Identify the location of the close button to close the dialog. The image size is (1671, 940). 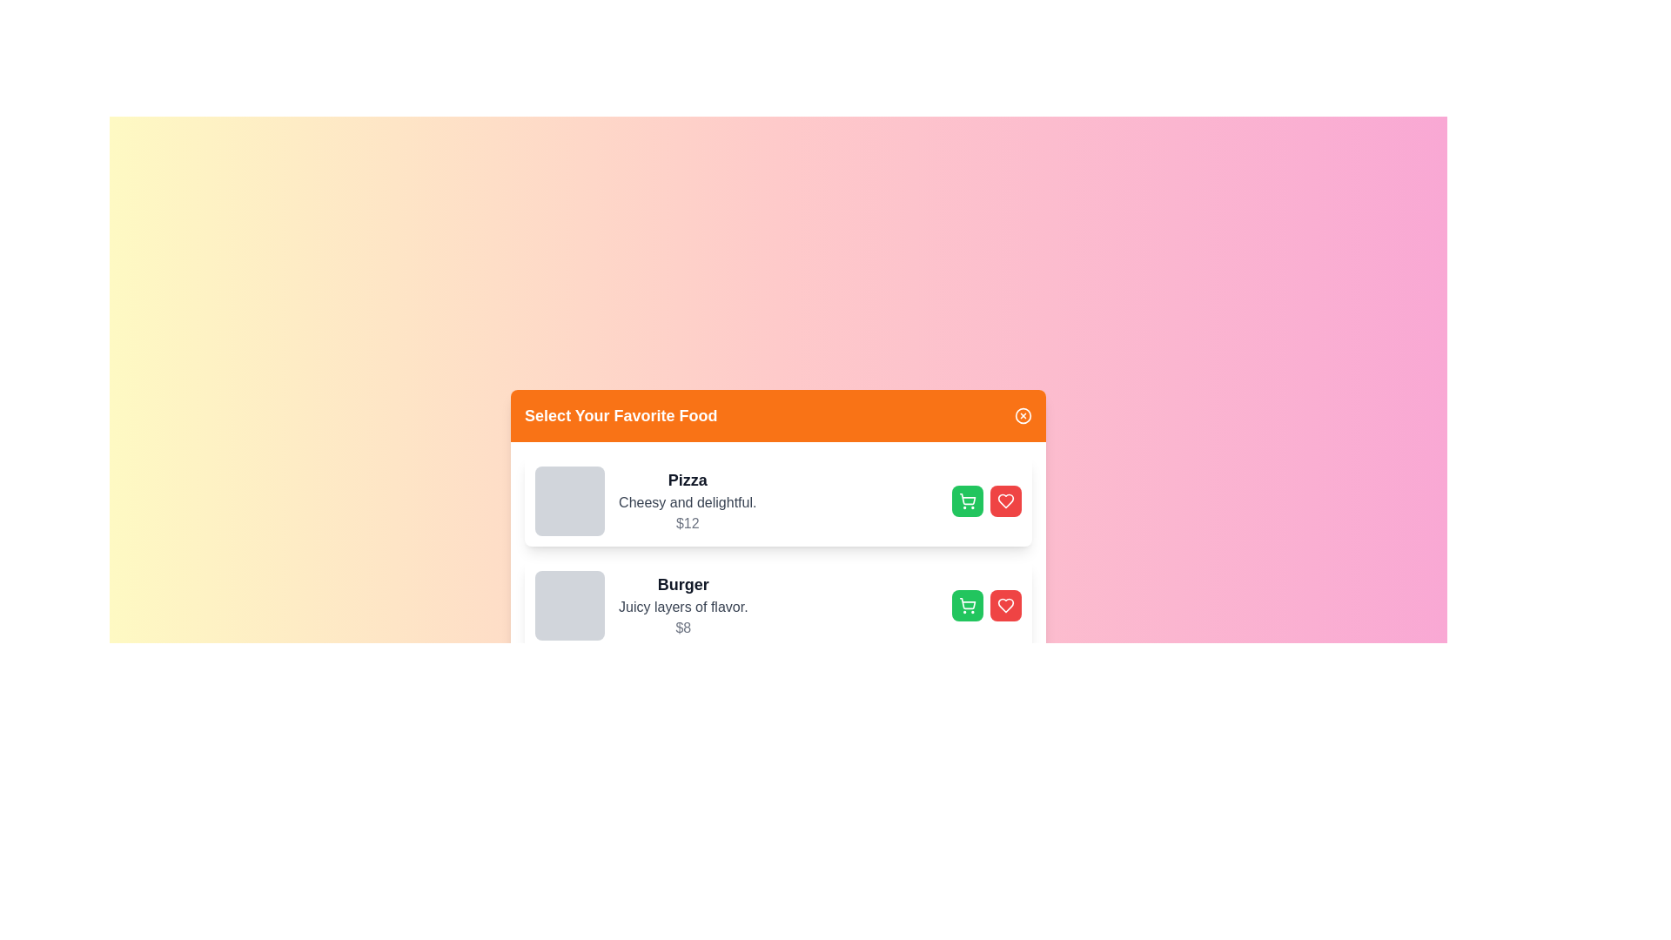
(1023, 416).